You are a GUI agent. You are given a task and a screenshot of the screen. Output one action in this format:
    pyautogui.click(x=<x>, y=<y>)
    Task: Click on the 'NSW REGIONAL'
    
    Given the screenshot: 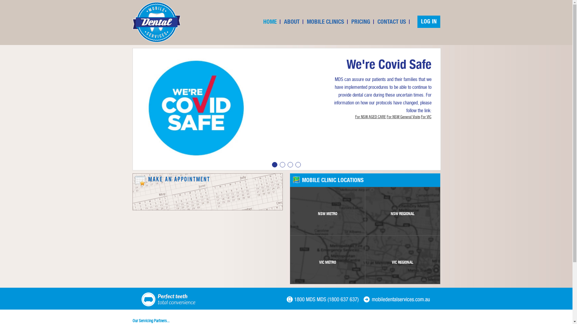 What is the action you would take?
    pyautogui.click(x=402, y=211)
    